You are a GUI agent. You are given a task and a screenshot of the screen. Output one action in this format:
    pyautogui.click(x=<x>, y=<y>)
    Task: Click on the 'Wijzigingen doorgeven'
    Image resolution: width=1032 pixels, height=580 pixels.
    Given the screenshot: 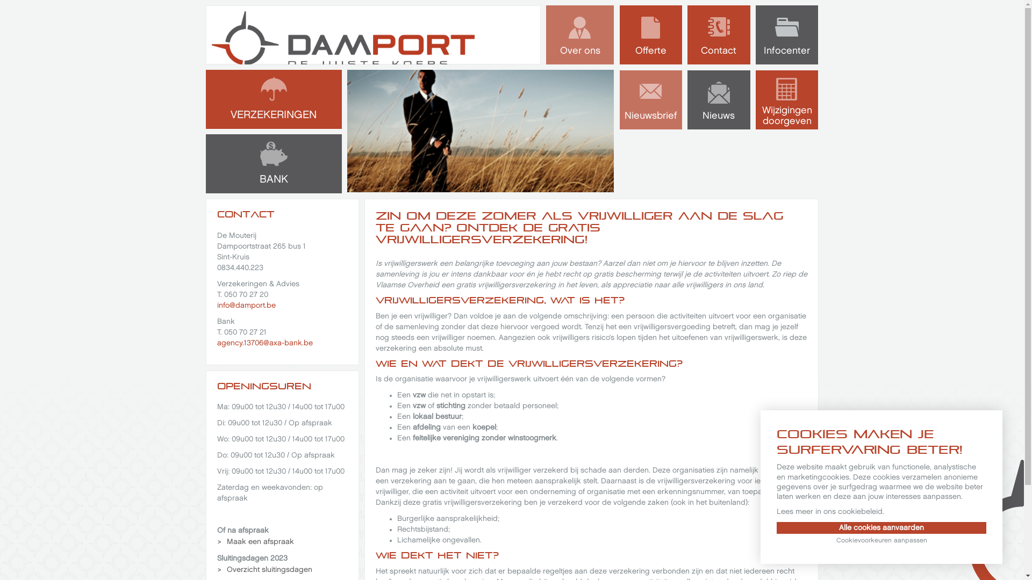 What is the action you would take?
    pyautogui.click(x=787, y=99)
    